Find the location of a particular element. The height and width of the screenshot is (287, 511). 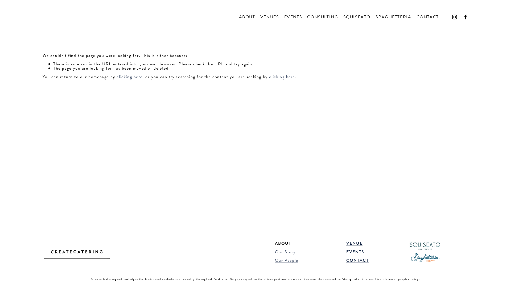

'VENUES' is located at coordinates (270, 16).